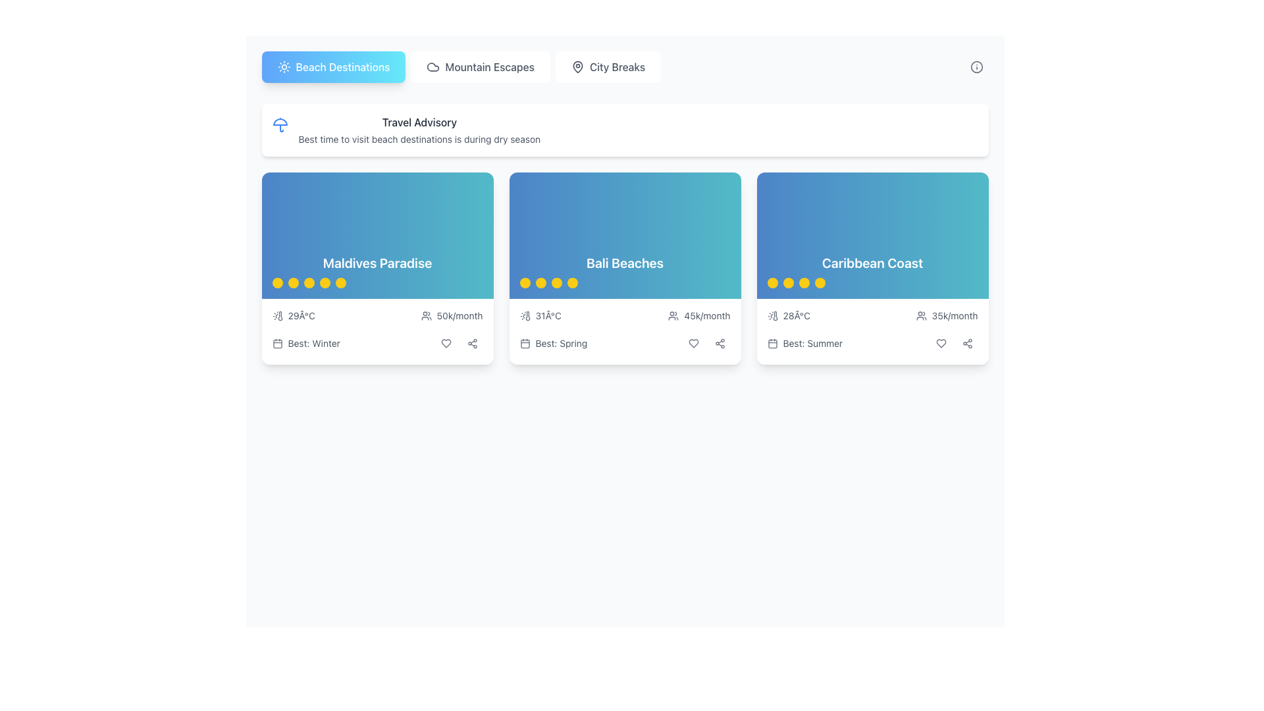  What do you see at coordinates (804, 342) in the screenshot?
I see `the non-interactive text element displaying 'Summer' for the 'Caribbean Coast' destination, located at the lower-right corner of the card` at bounding box center [804, 342].